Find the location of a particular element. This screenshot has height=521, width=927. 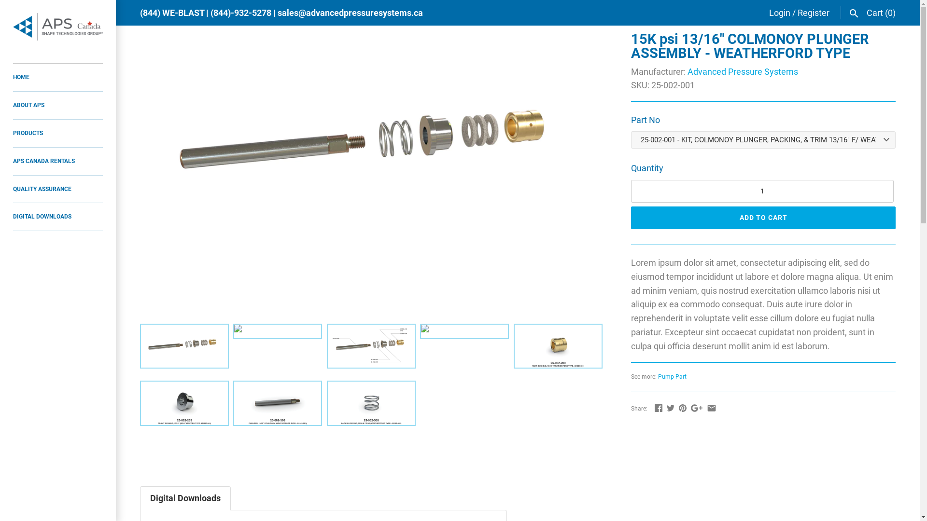

'APS CANADA RENTALS' is located at coordinates (57, 161).